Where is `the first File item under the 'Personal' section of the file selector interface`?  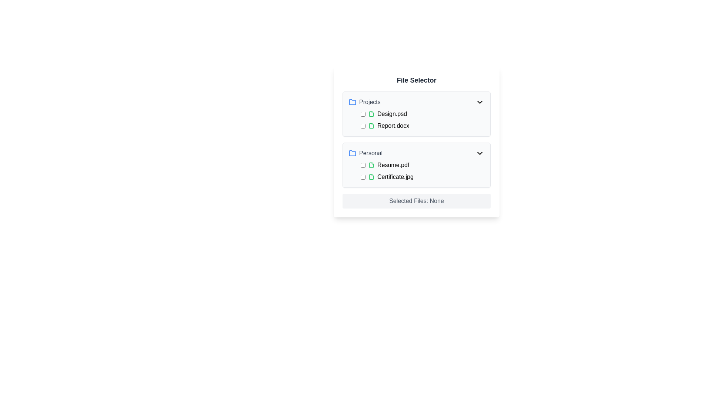 the first File item under the 'Personal' section of the file selector interface is located at coordinates (423, 165).